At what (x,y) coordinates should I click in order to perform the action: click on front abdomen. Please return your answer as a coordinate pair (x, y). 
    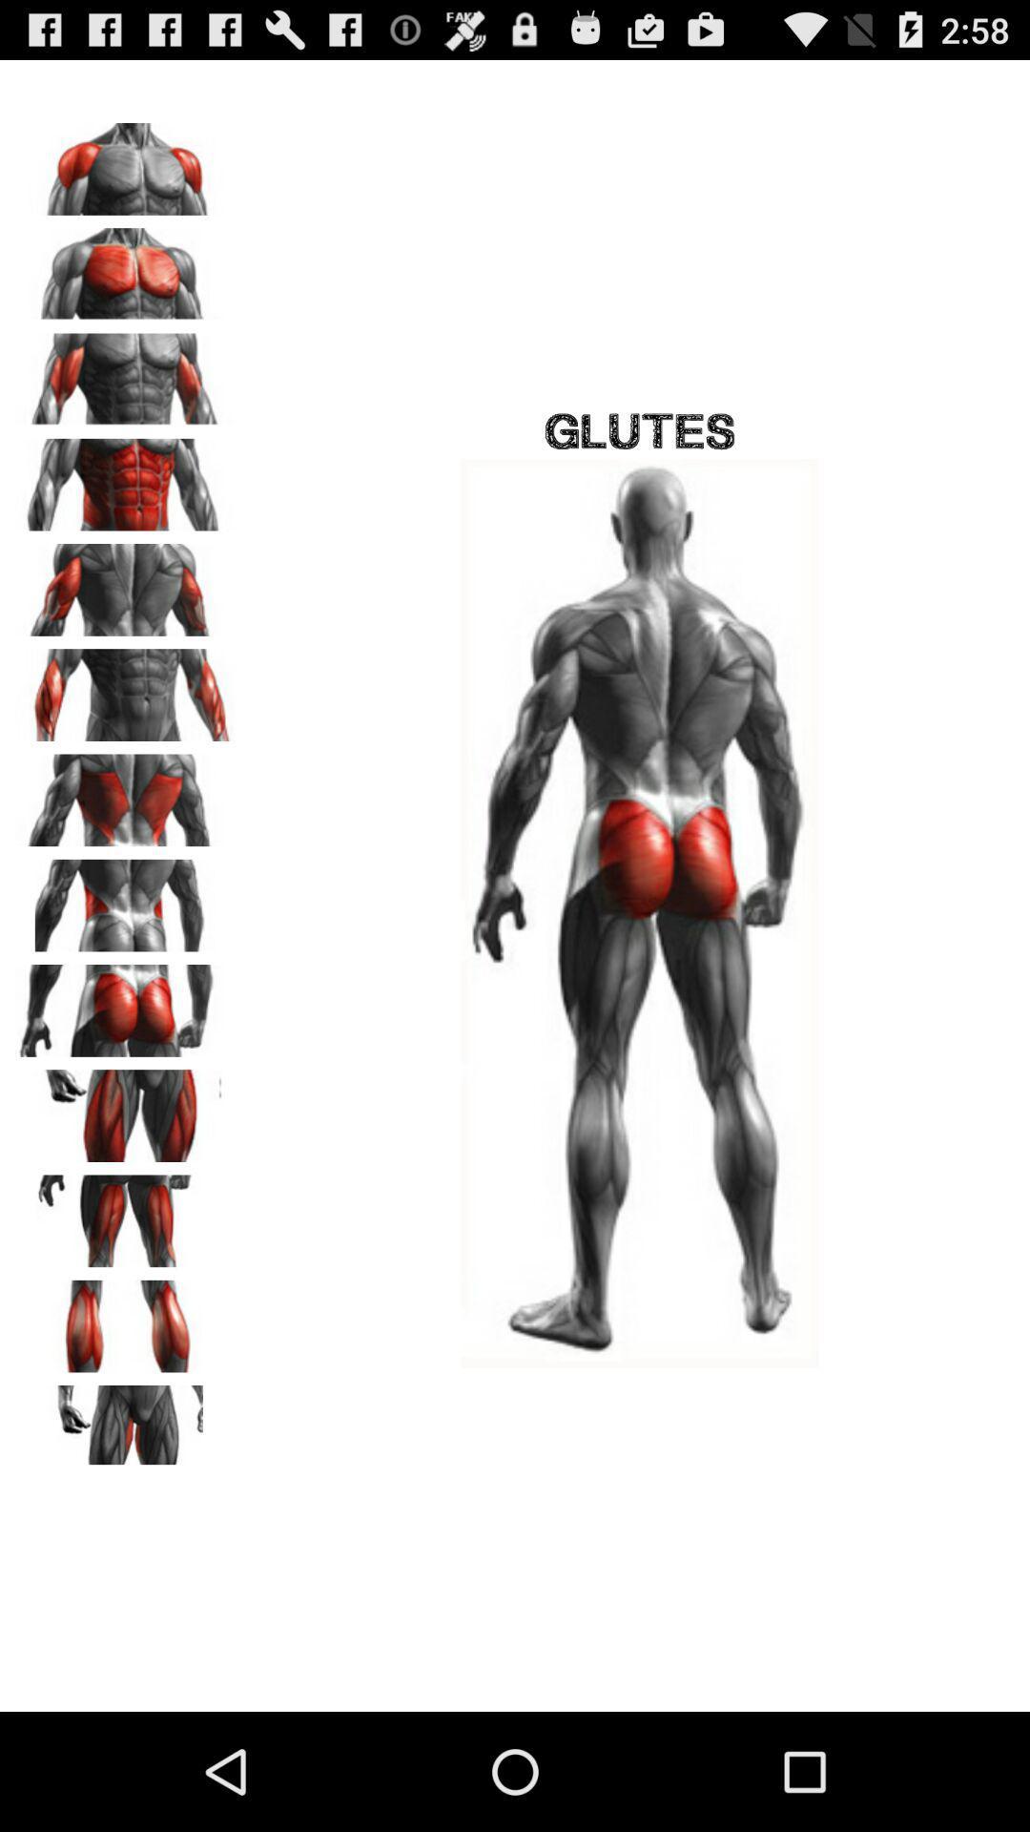
    Looking at the image, I should click on (125, 478).